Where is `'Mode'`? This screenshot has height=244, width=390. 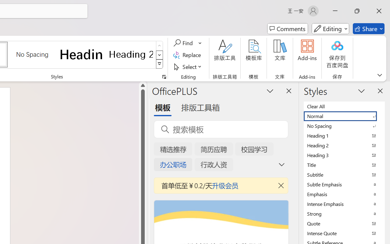 'Mode' is located at coordinates (330, 29).